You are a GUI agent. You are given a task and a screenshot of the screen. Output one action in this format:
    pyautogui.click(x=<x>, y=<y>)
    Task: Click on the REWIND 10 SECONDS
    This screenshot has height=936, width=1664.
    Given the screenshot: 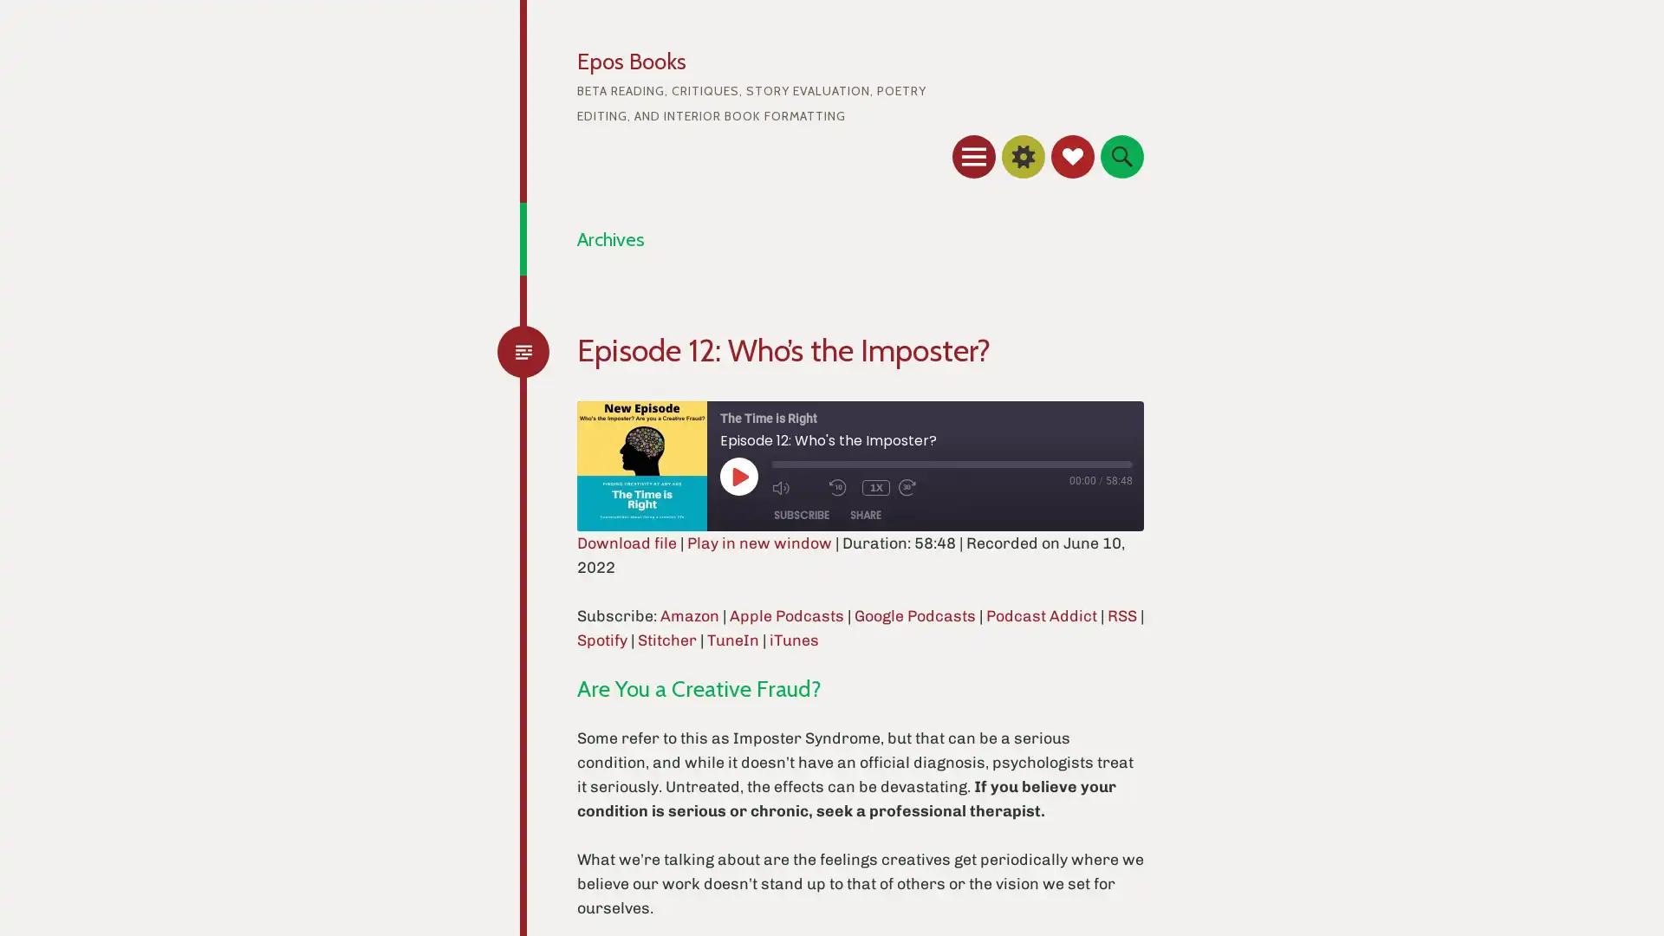 What is the action you would take?
    pyautogui.click(x=841, y=487)
    